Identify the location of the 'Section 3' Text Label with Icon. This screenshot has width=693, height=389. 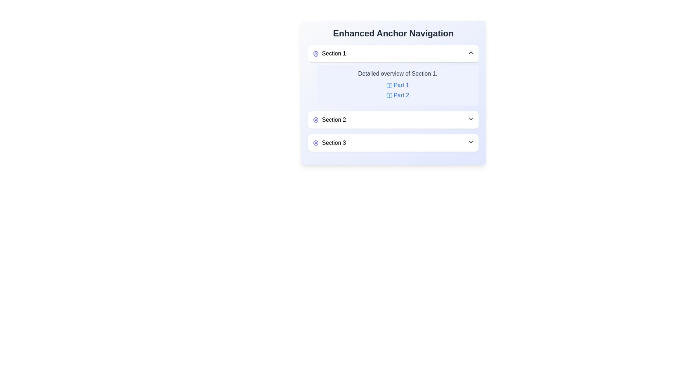
(329, 143).